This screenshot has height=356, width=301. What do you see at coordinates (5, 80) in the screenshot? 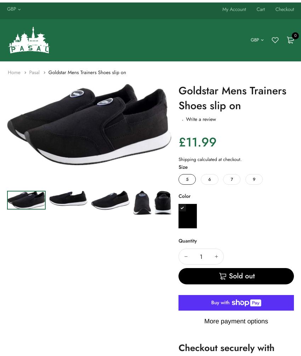
I see `'Belt'` at bounding box center [5, 80].